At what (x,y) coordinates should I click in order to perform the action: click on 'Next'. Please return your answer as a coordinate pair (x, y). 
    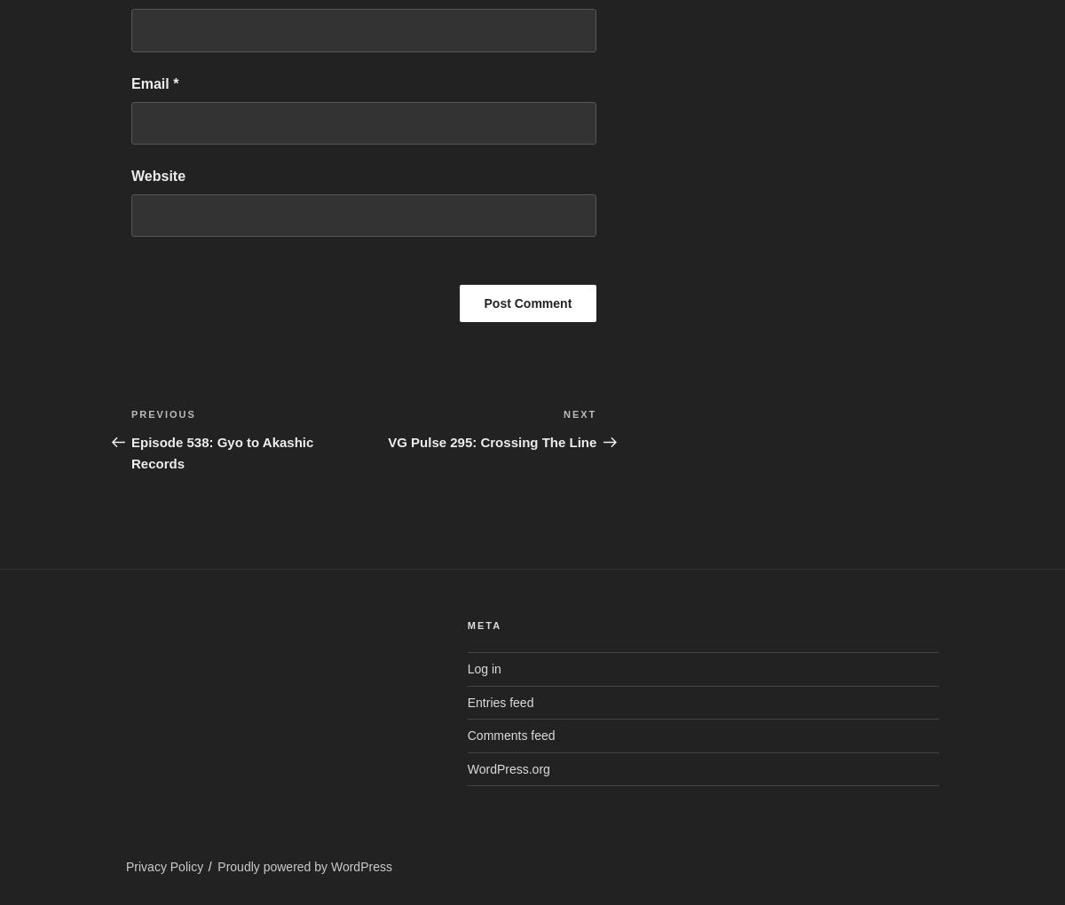
    Looking at the image, I should click on (580, 413).